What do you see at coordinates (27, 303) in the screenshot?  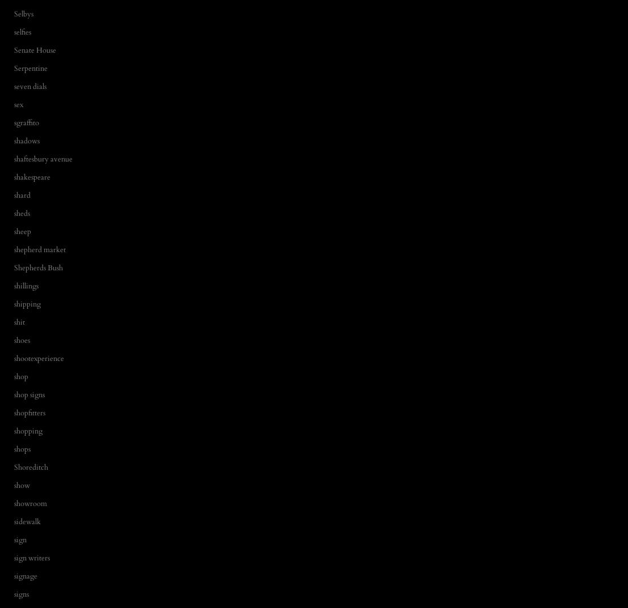 I see `'shipping'` at bounding box center [27, 303].